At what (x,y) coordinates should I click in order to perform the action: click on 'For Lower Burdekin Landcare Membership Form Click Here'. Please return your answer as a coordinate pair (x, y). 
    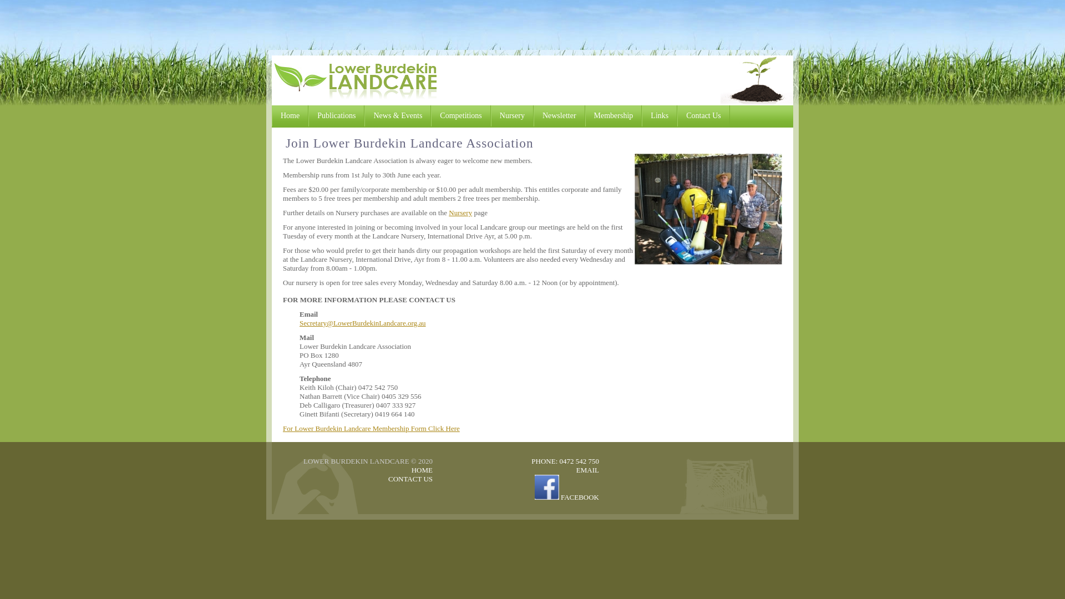
    Looking at the image, I should click on (371, 428).